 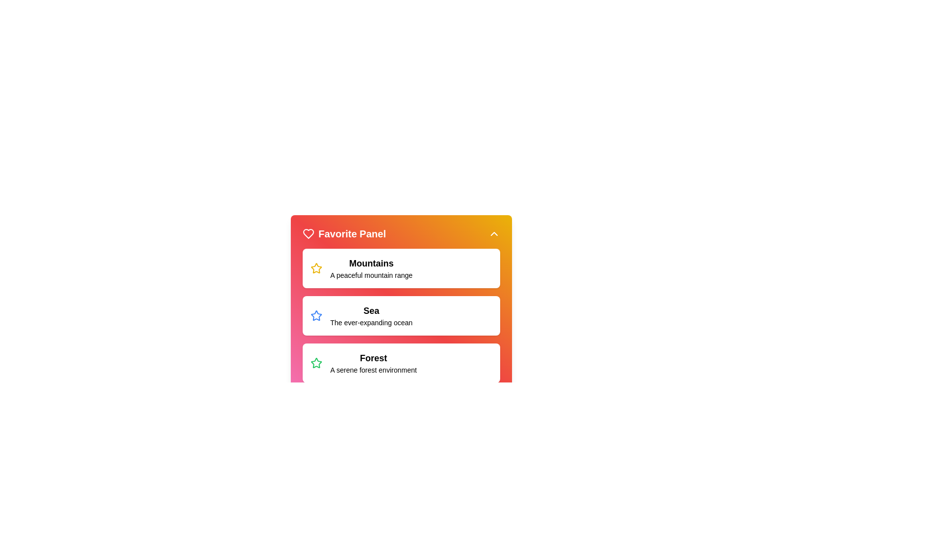 What do you see at coordinates (371, 310) in the screenshot?
I see `the text label that serves as the title for the descriptive block about the ocean, positioned centrally in the 'Favorite Panel' interface, above the text 'The ever-expanding ocean'` at bounding box center [371, 310].